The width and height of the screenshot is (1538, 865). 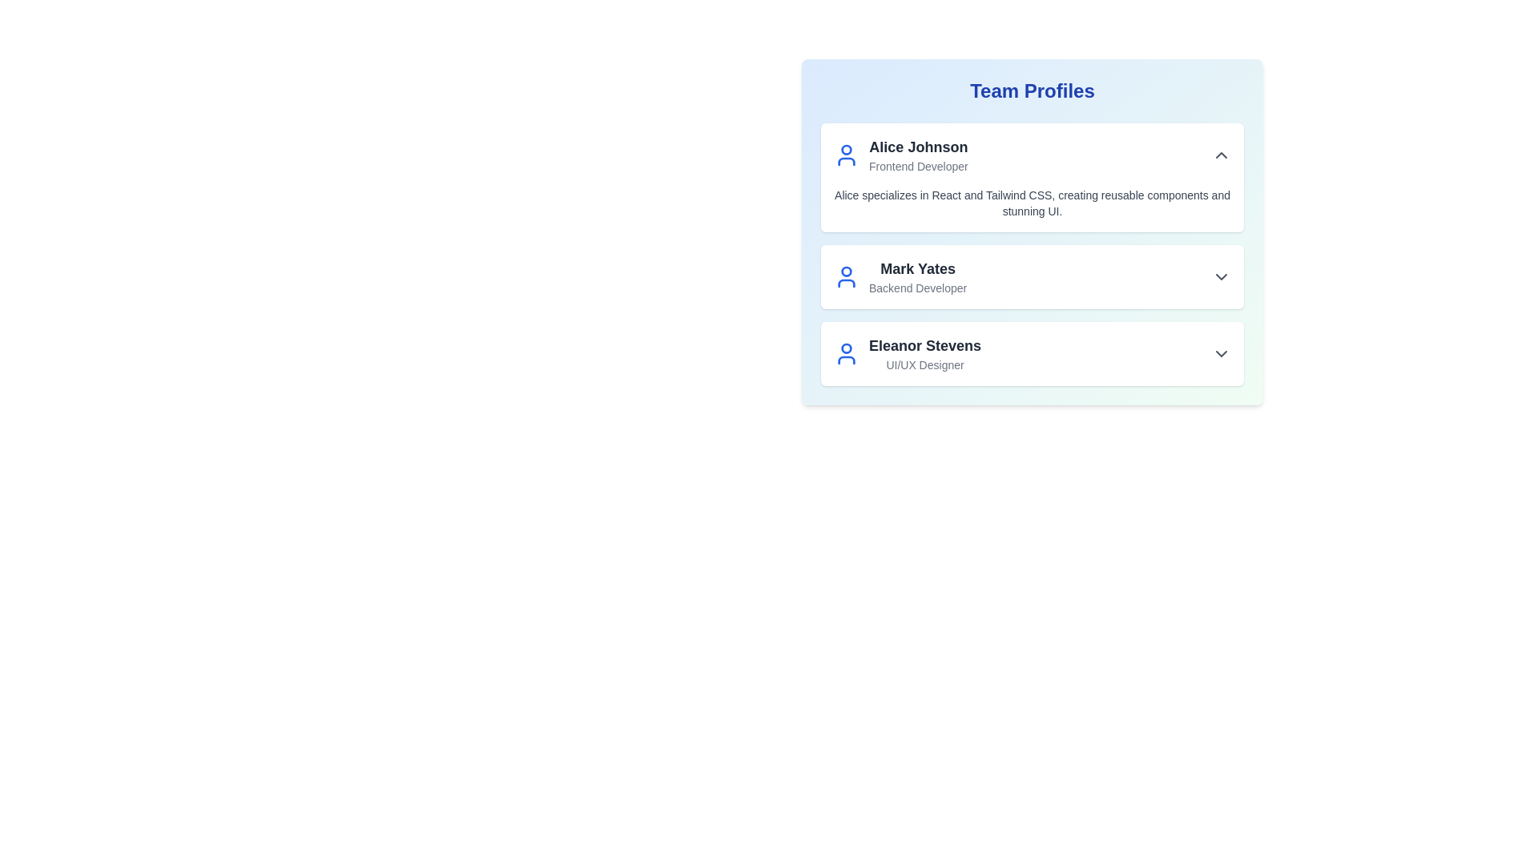 I want to click on the profile of Alice Johnson to observe the hover effect, so click(x=1033, y=178).